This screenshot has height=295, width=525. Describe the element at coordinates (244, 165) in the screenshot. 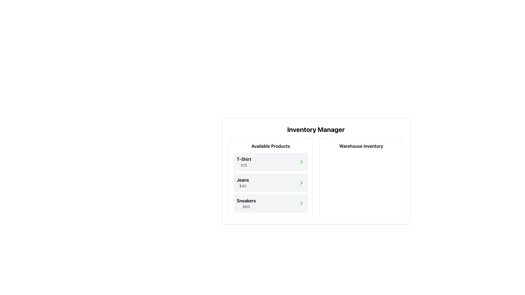

I see `the price text label displaying '$15', which is positioned below the 'T-Shirt' label and above the navigation arrow, within the product list` at that location.